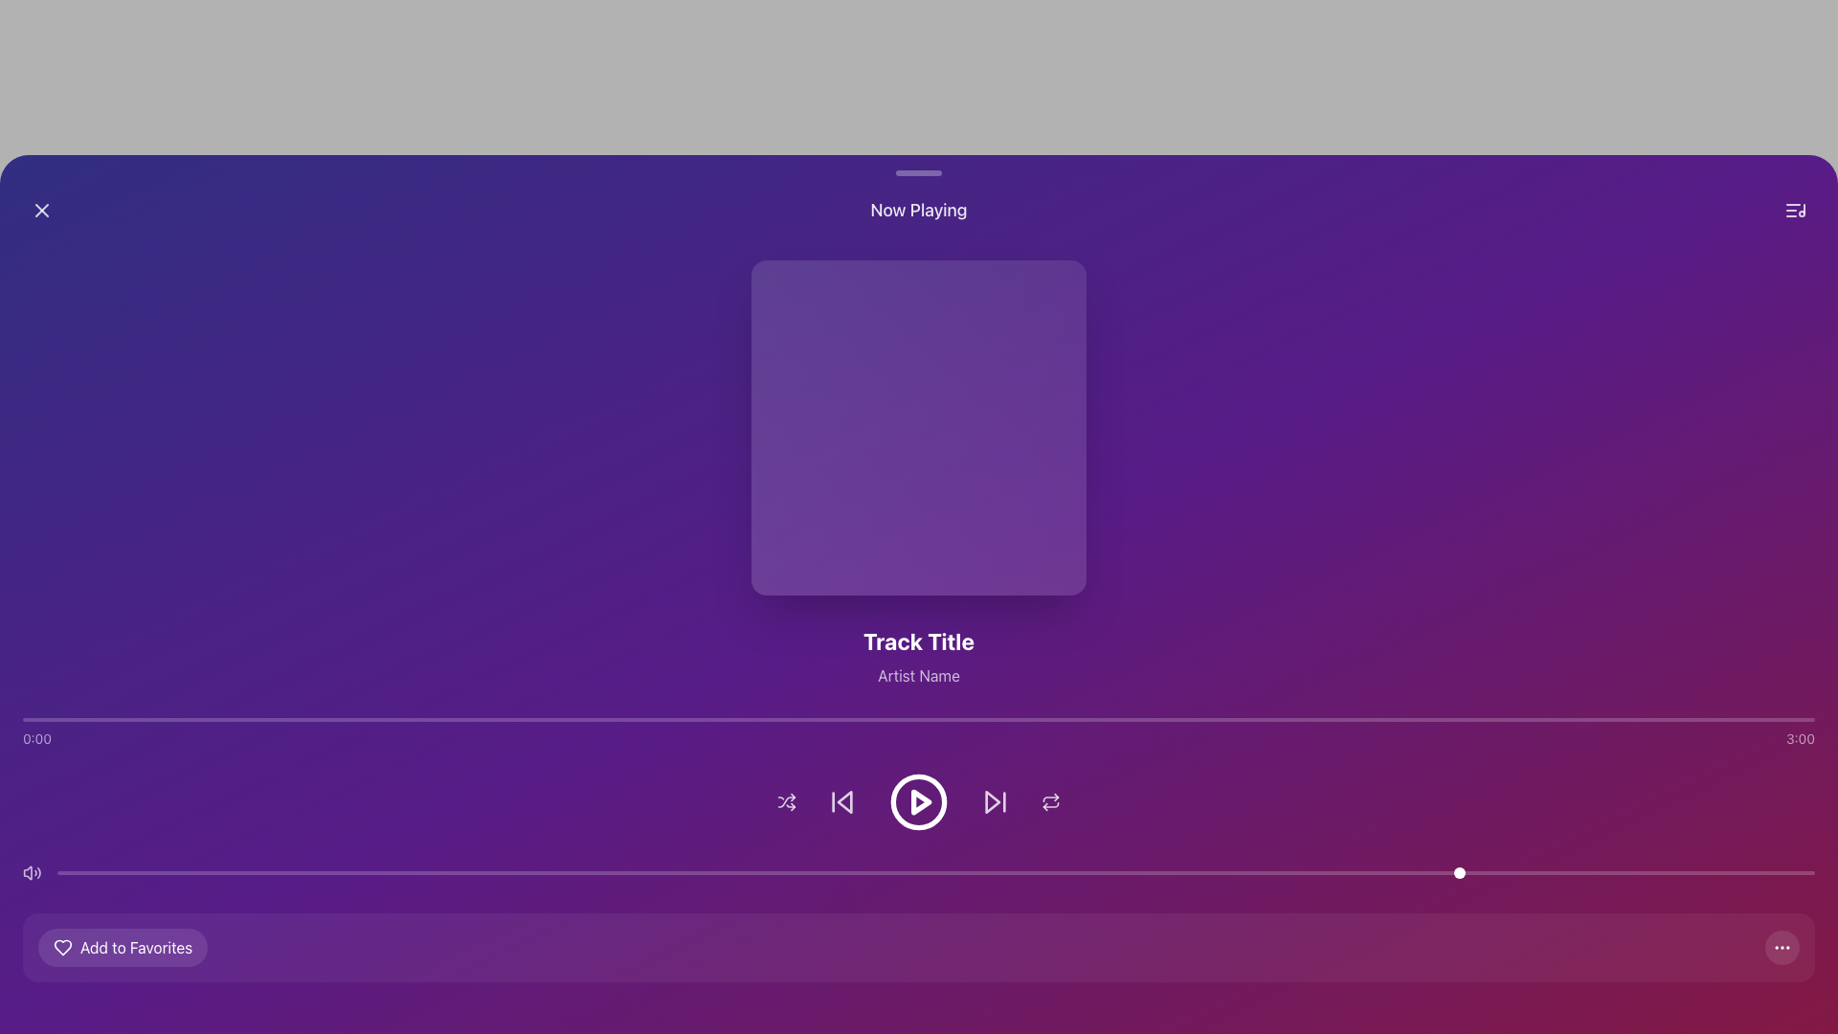 This screenshot has height=1034, width=1838. I want to click on the progress bar or timeline tracker located at the bottom of the main content section, positioned between the time labels '0:00' and '3:00', so click(919, 720).